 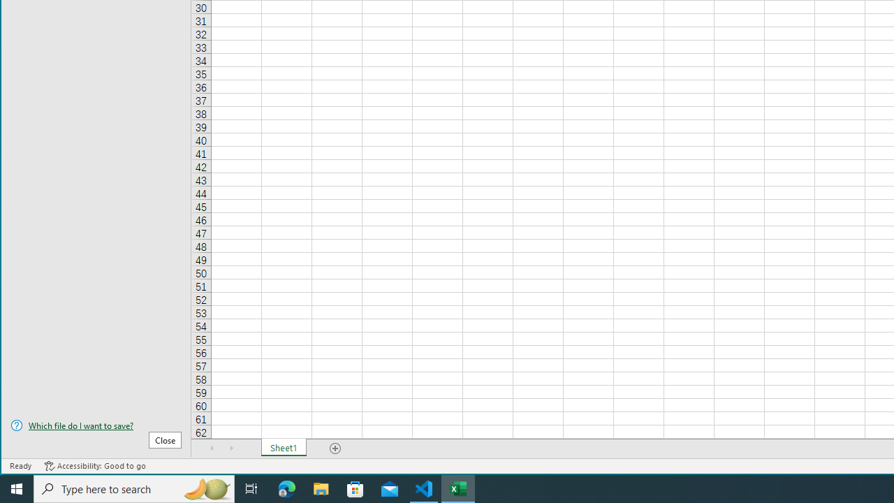 What do you see at coordinates (321, 488) in the screenshot?
I see `'File Explorer'` at bounding box center [321, 488].